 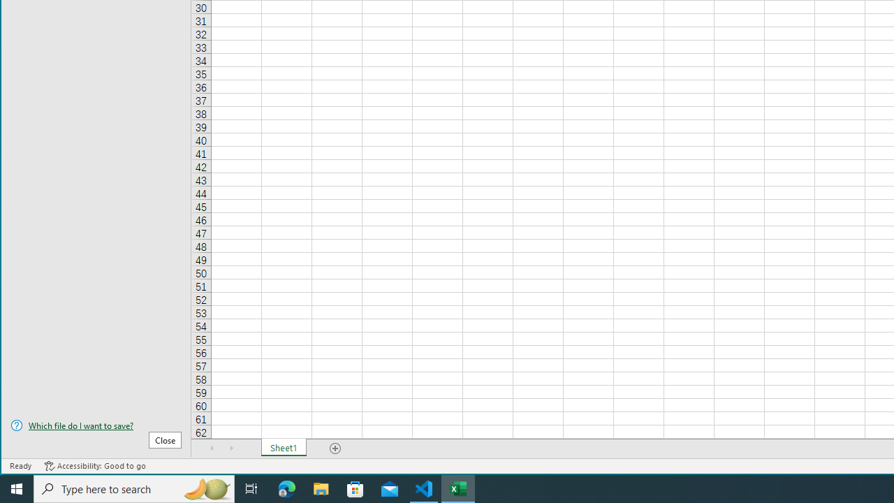 What do you see at coordinates (321, 488) in the screenshot?
I see `'File Explorer'` at bounding box center [321, 488].